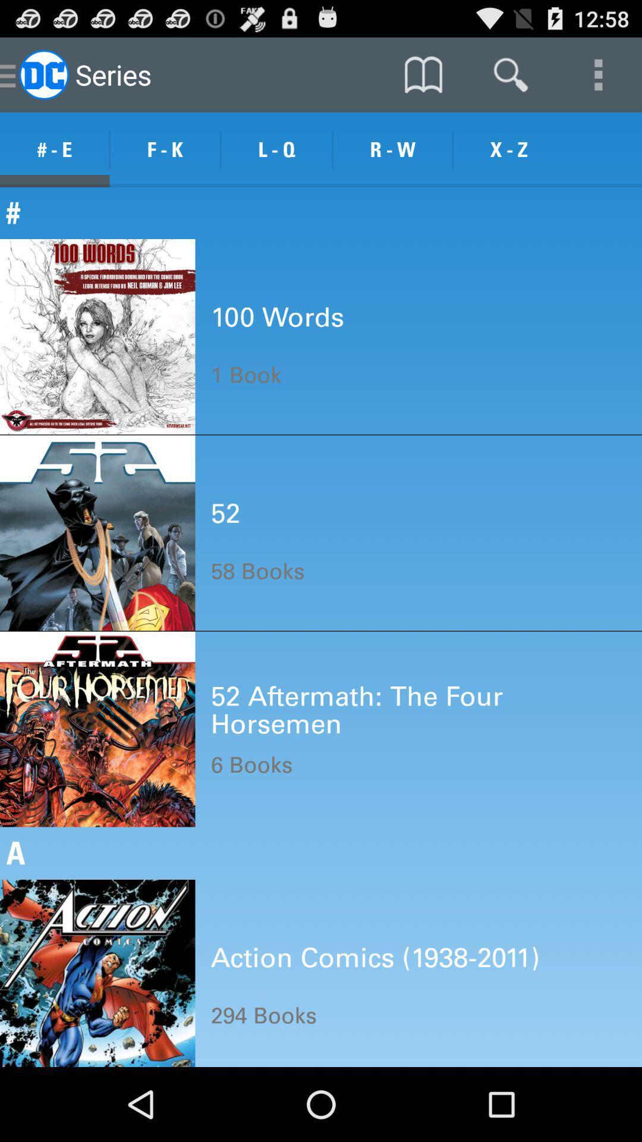 This screenshot has height=1142, width=642. Describe the element at coordinates (510, 74) in the screenshot. I see `icon above the x - z item` at that location.